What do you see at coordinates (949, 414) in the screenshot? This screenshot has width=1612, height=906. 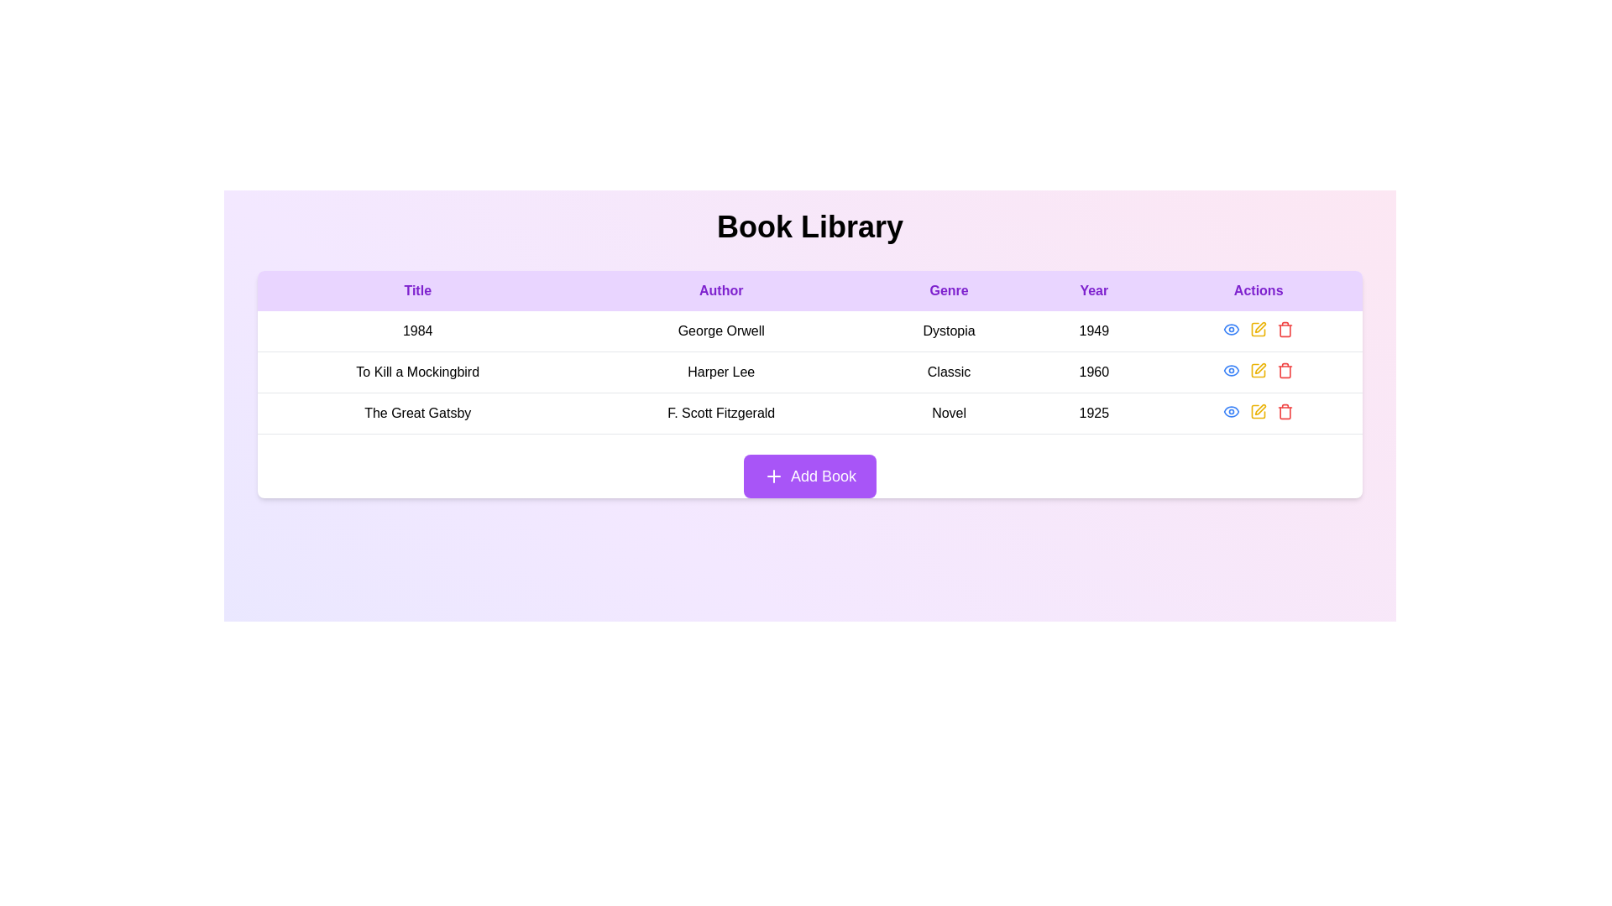 I see `the text label 'Novel' in the 'Genre' column of the table, located in the third row, which corresponds to 'The Great Gatsby'` at bounding box center [949, 414].